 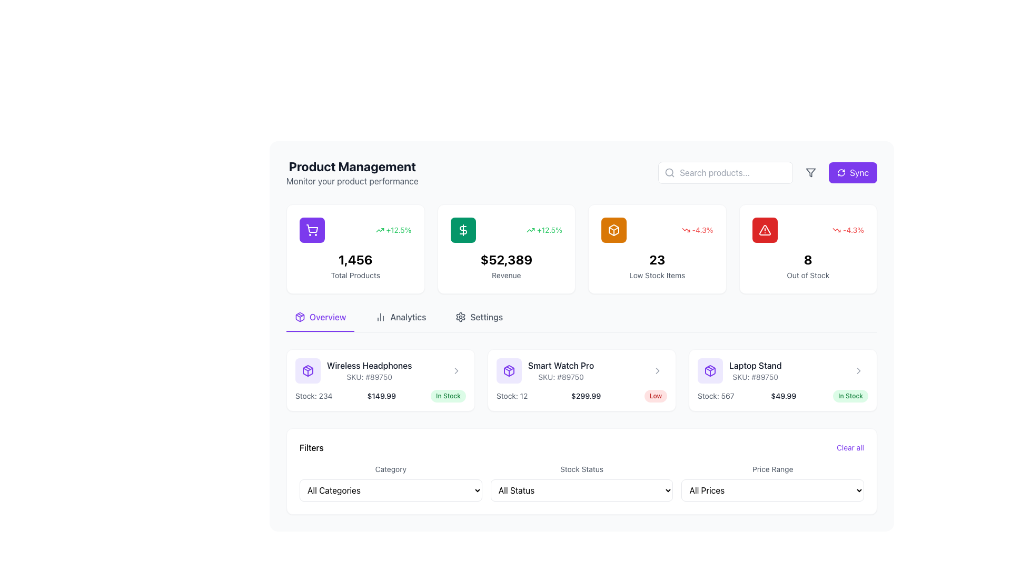 What do you see at coordinates (313, 396) in the screenshot?
I see `the 'Stock: 234' text element that indicates the current stock quantity of an item` at bounding box center [313, 396].